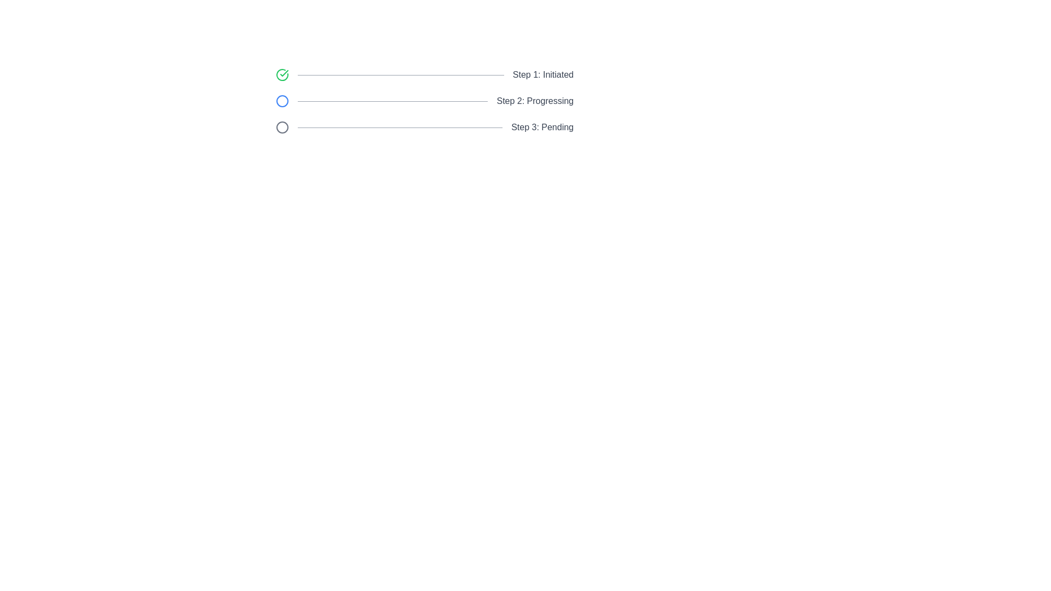 The width and height of the screenshot is (1051, 591). Describe the element at coordinates (282, 126) in the screenshot. I see `the non-interactive SVG circle with a gray border that indicates 'Step 3: Pending'` at that location.